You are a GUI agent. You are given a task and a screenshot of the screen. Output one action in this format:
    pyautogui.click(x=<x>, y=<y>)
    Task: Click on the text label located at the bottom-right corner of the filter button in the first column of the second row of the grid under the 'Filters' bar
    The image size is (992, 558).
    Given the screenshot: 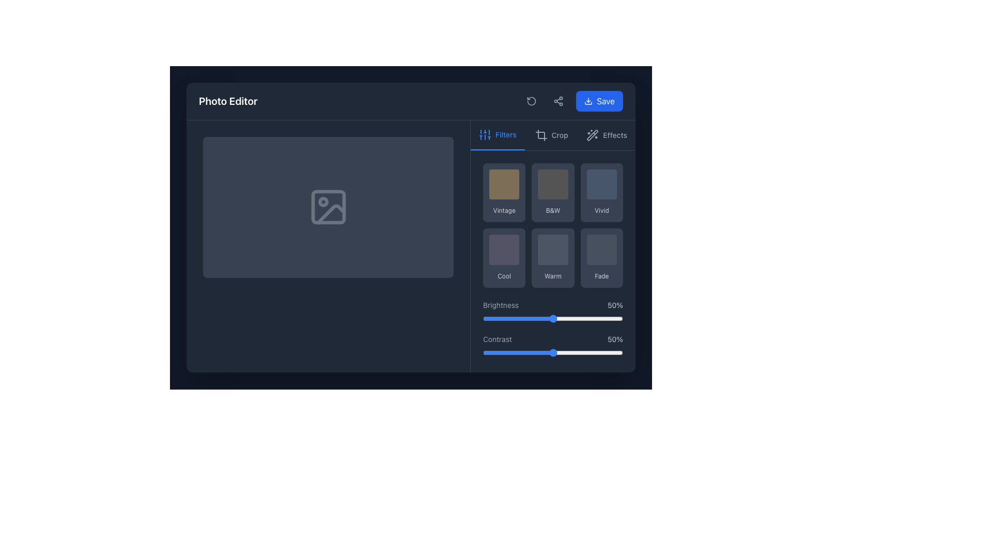 What is the action you would take?
    pyautogui.click(x=504, y=275)
    